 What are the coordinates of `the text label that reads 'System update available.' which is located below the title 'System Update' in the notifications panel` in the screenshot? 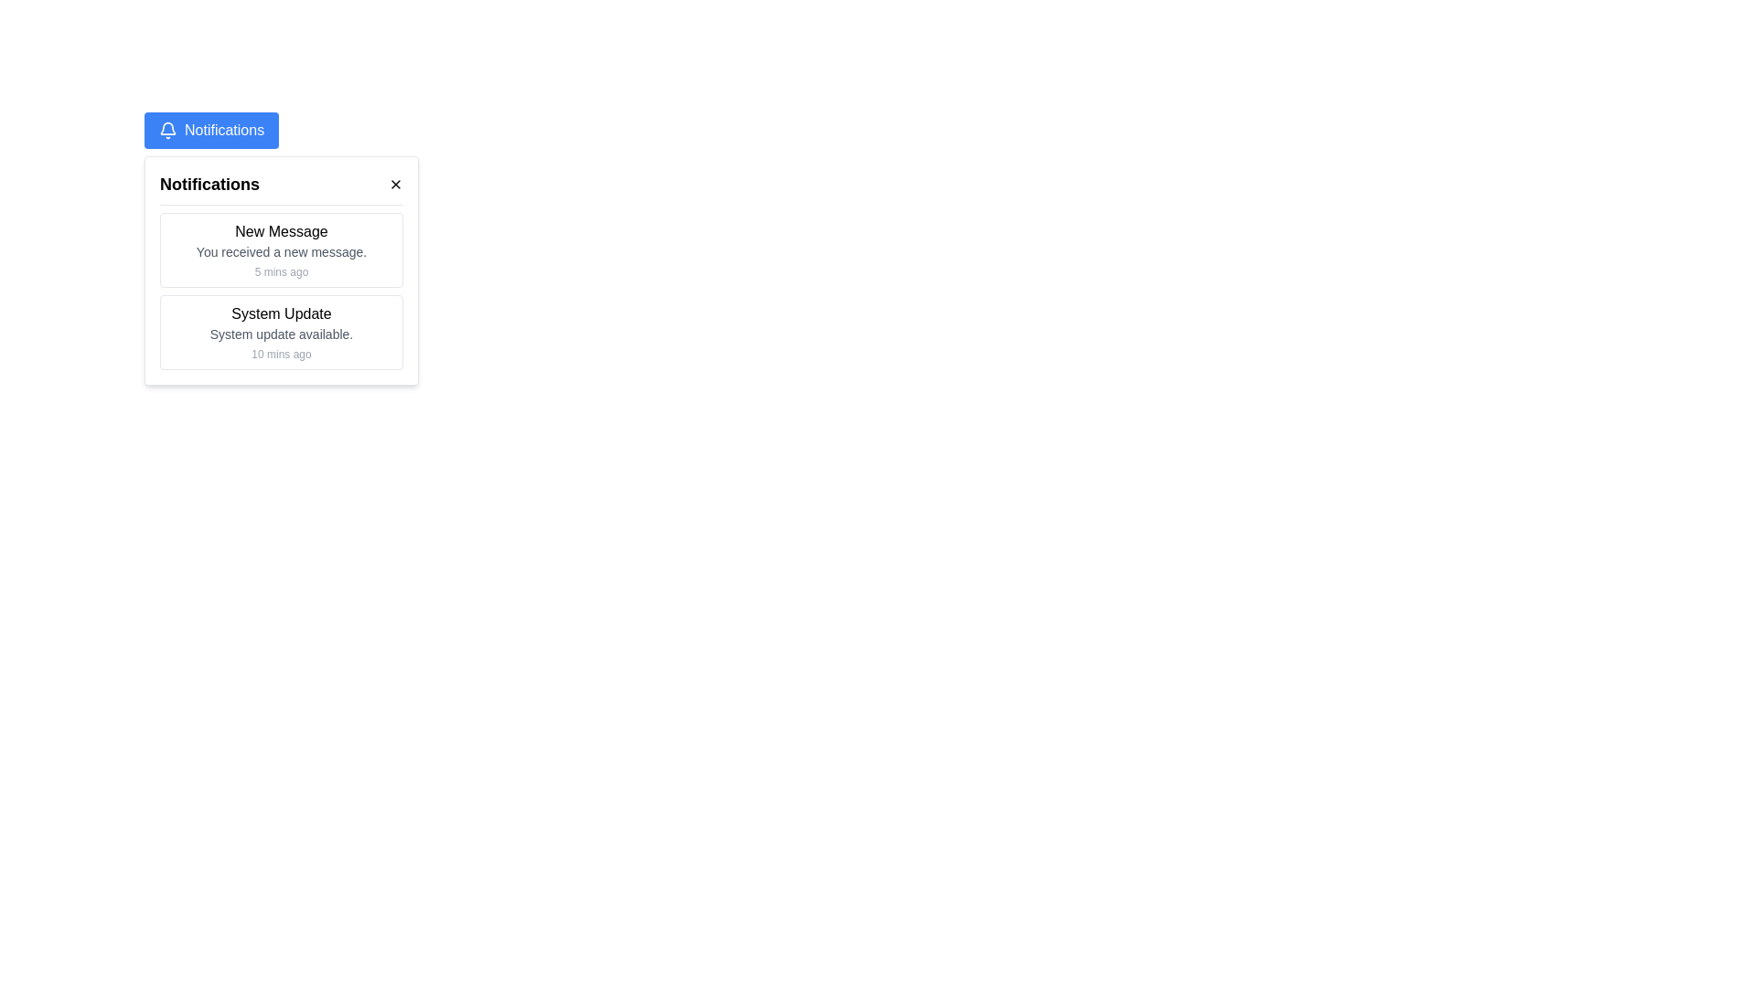 It's located at (280, 334).